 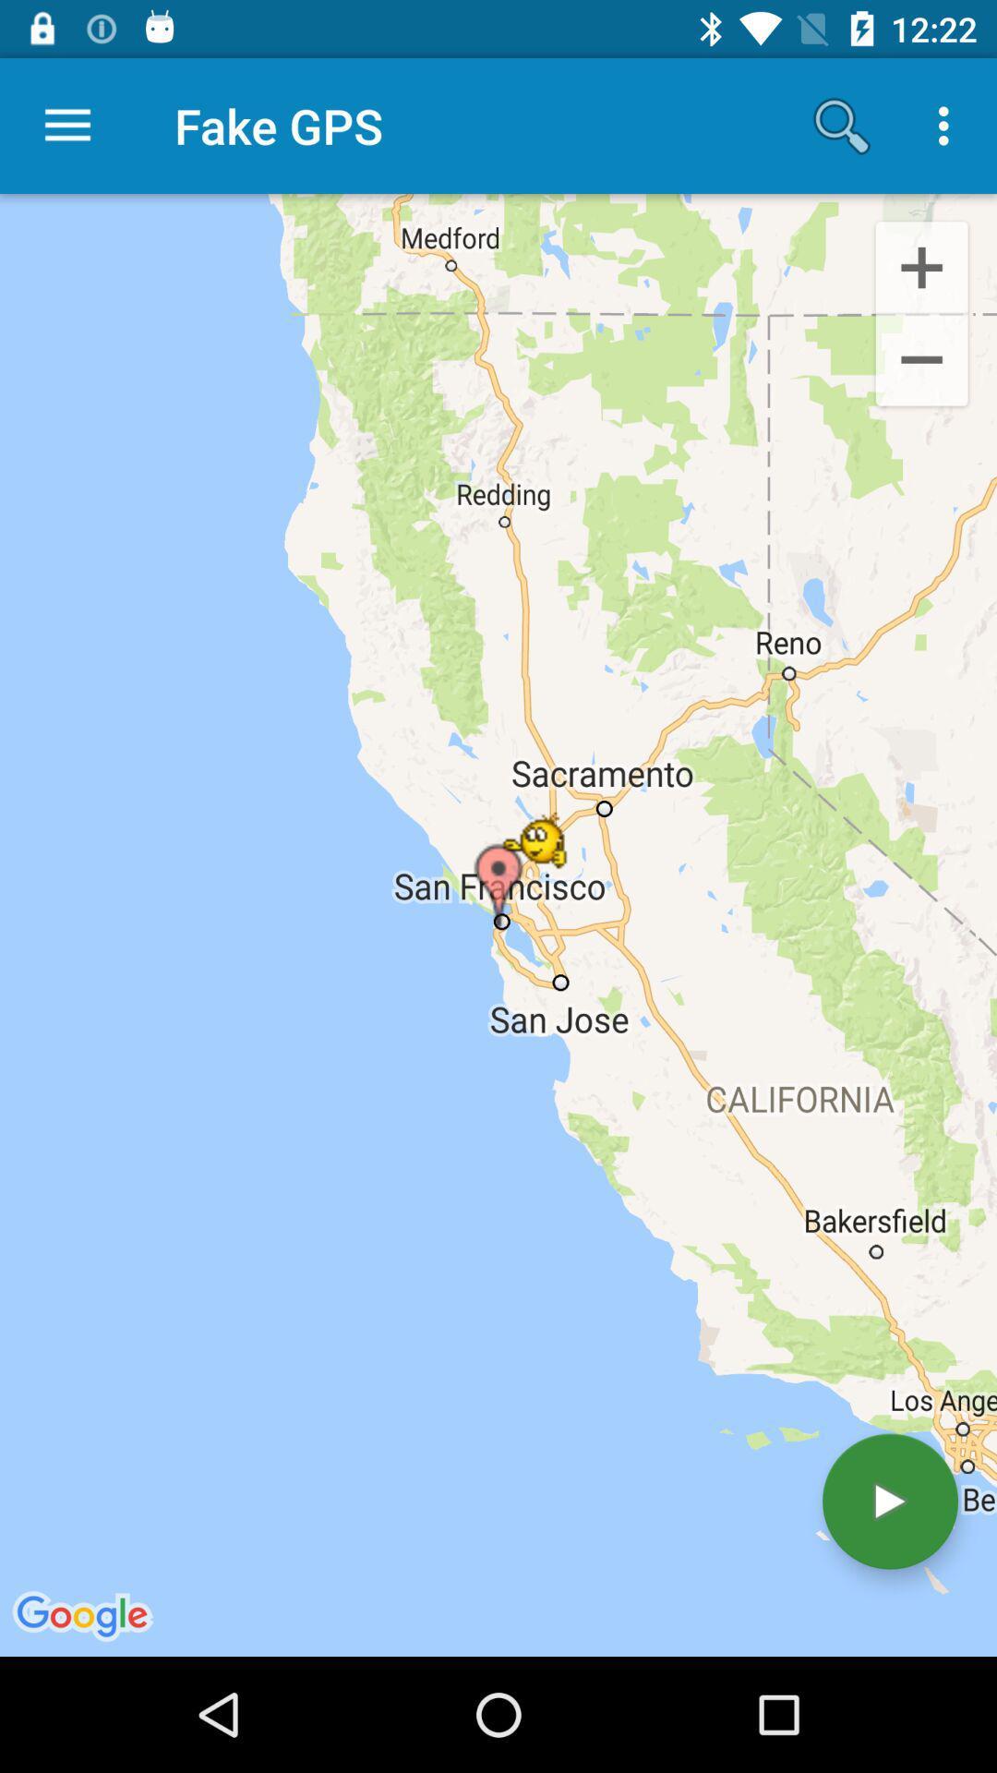 What do you see at coordinates (66, 125) in the screenshot?
I see `item next to the fake gps item` at bounding box center [66, 125].